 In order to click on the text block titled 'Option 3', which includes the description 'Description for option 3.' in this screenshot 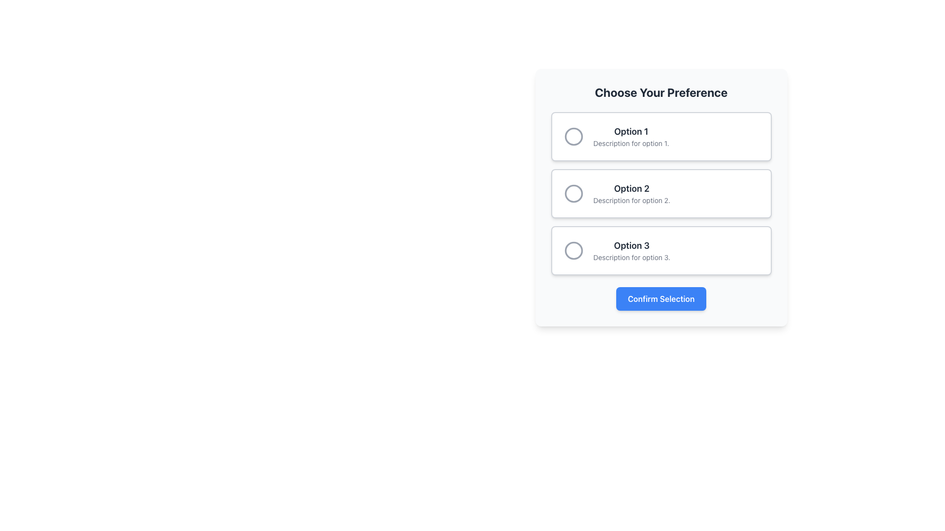, I will do `click(631, 250)`.